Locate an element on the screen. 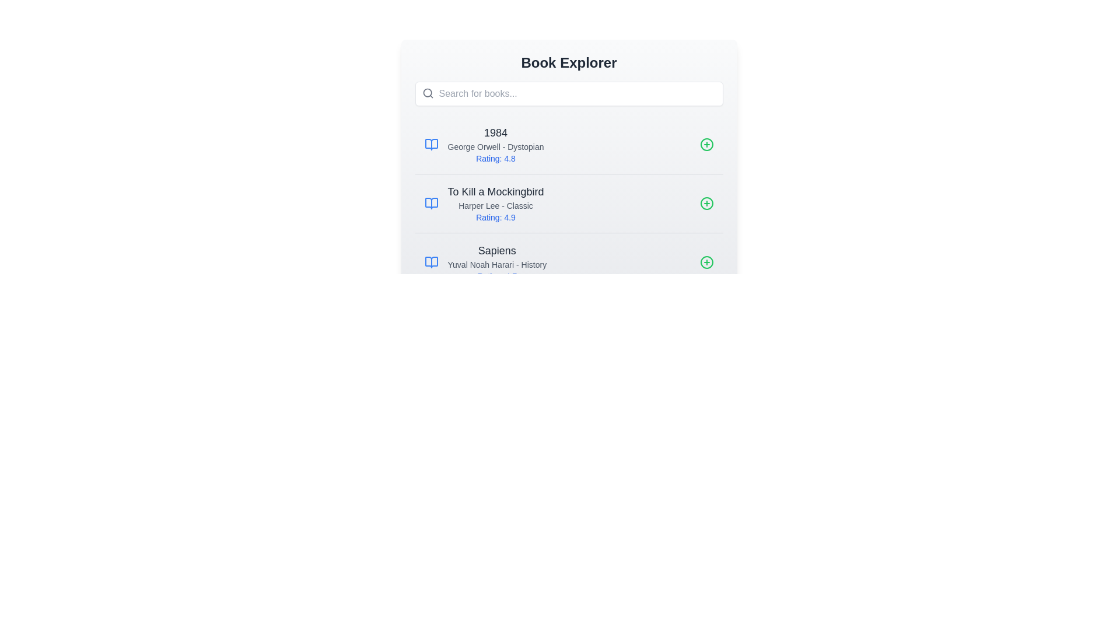  the text-based heading labeled 'Book Explorer', which is styled prominently with a bold and large font size in dark gray, located at the top of the interface is located at coordinates (569, 63).